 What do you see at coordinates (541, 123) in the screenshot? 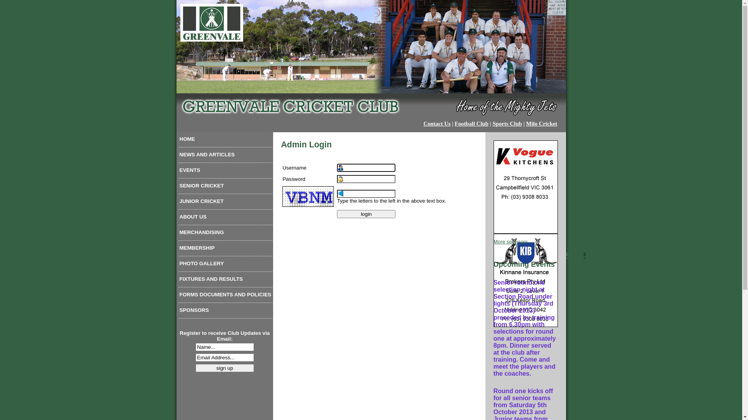
I see `'Milo Cricket'` at bounding box center [541, 123].